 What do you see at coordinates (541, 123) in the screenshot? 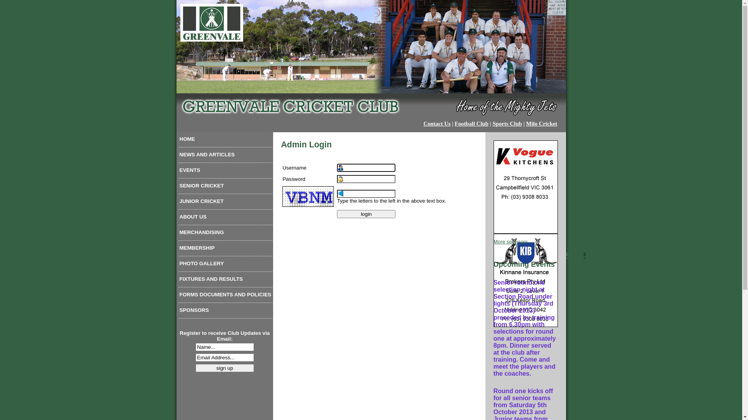
I see `'Milo Cricket'` at bounding box center [541, 123].